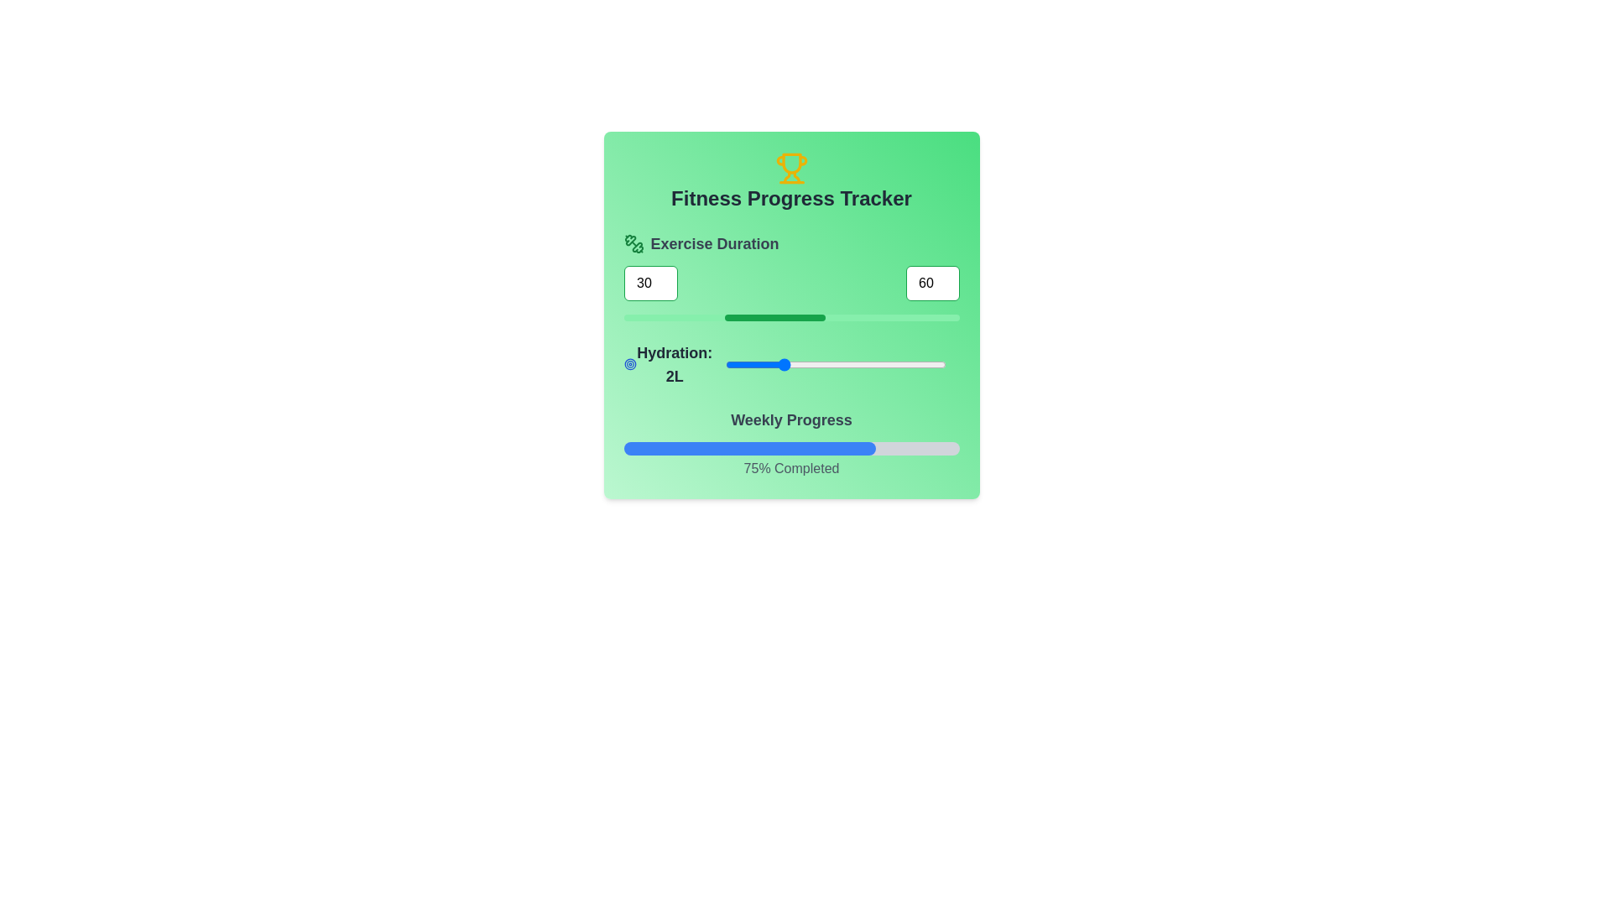 This screenshot has width=1611, height=906. Describe the element at coordinates (836, 364) in the screenshot. I see `hydration level` at that location.